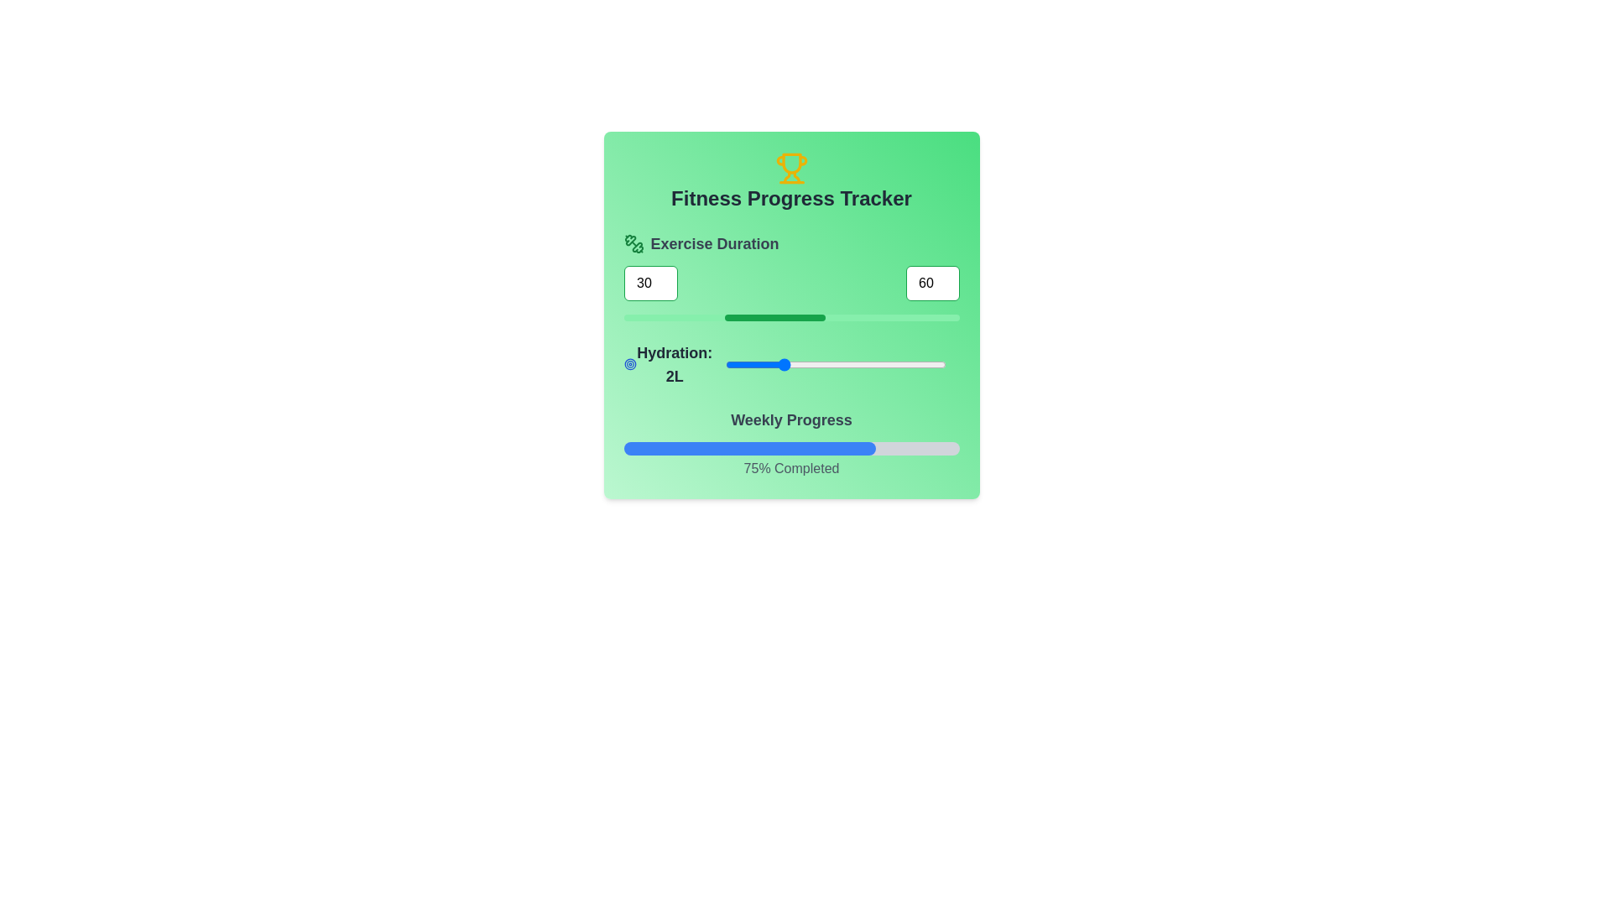 This screenshot has width=1611, height=906. Describe the element at coordinates (836, 364) in the screenshot. I see `hydration level` at that location.